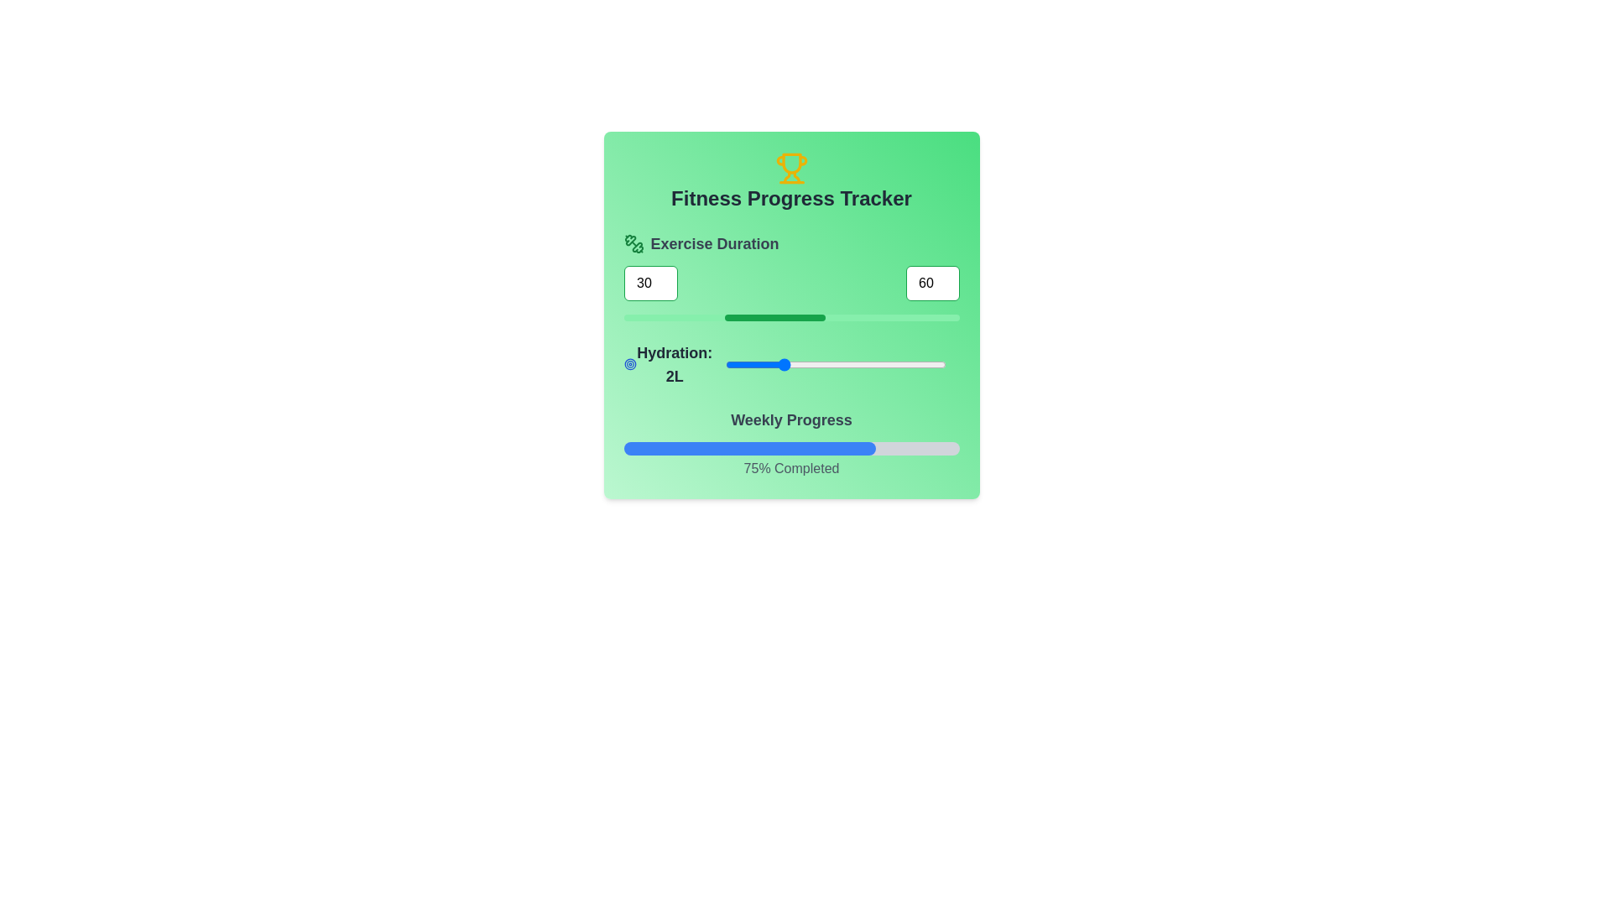 This screenshot has width=1611, height=906. Describe the element at coordinates (836, 364) in the screenshot. I see `hydration level` at that location.